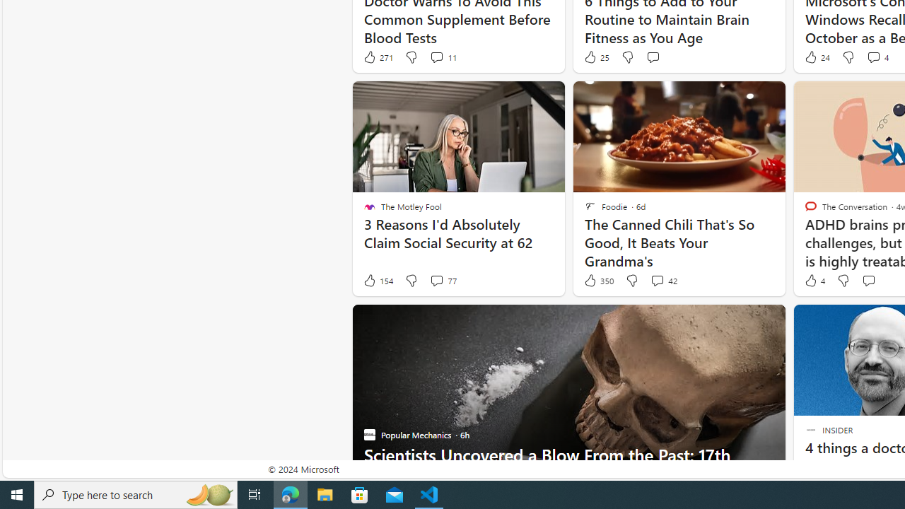 The width and height of the screenshot is (905, 509). I want to click on '271 Like', so click(378, 57).